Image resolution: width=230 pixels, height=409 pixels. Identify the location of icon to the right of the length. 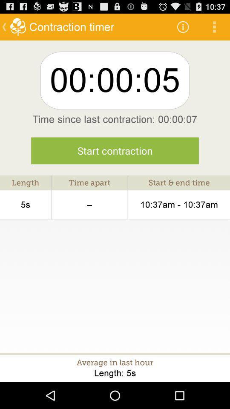
(89, 204).